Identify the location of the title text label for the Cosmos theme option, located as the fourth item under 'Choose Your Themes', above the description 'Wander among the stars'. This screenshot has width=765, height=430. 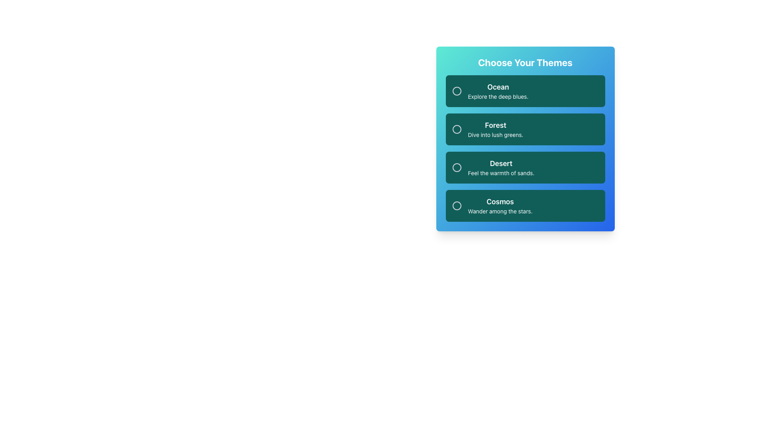
(500, 201).